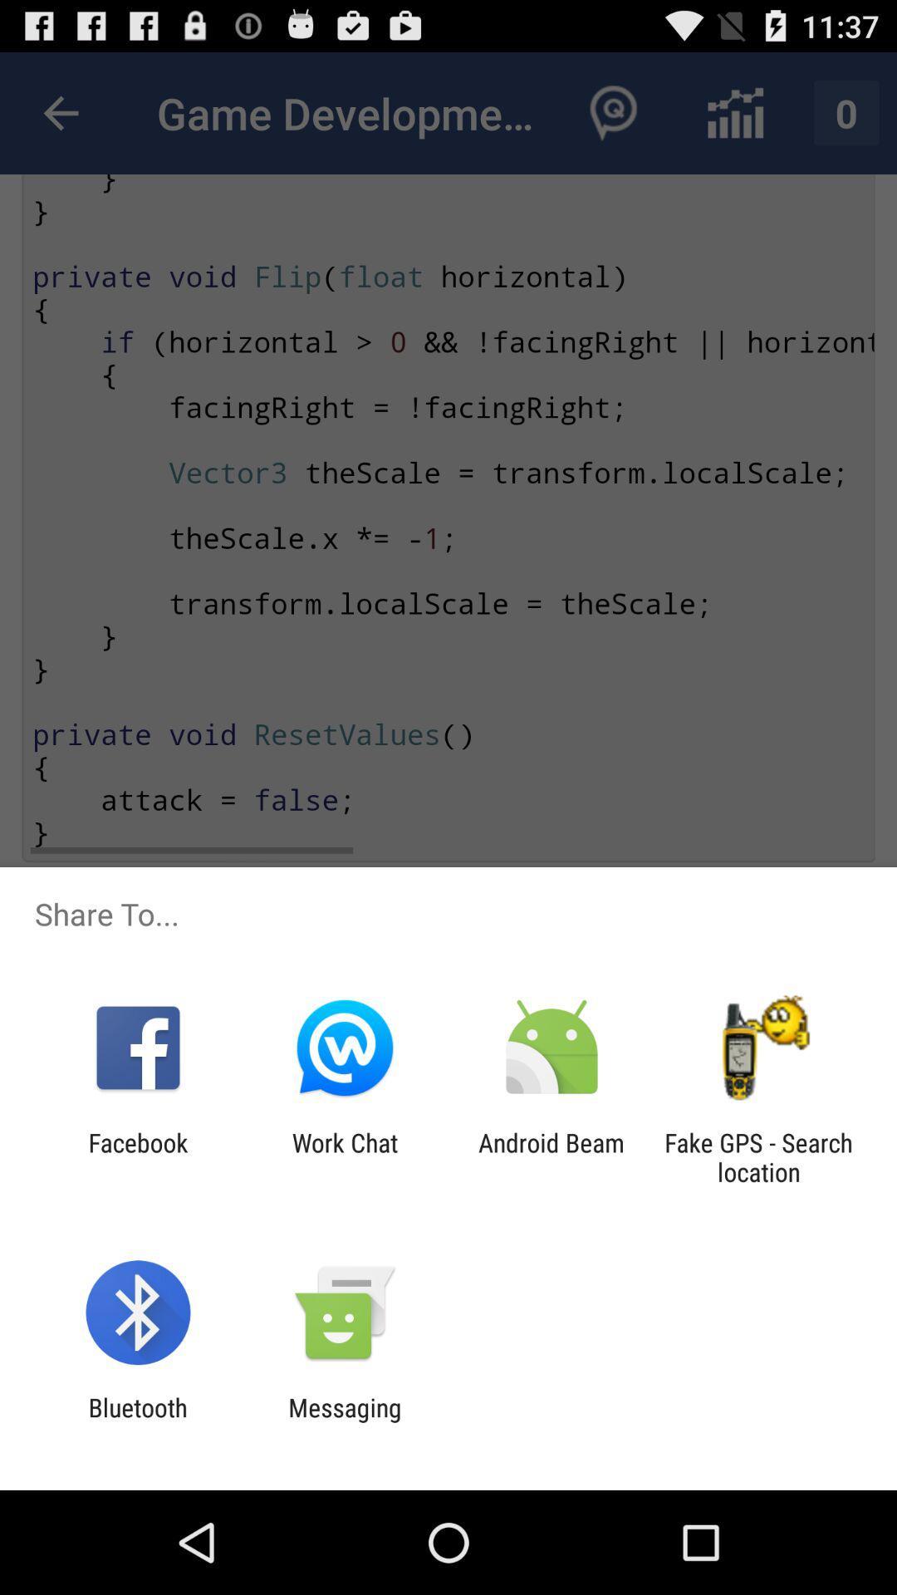 This screenshot has height=1595, width=897. What do you see at coordinates (344, 1421) in the screenshot?
I see `the app next to bluetooth app` at bounding box center [344, 1421].